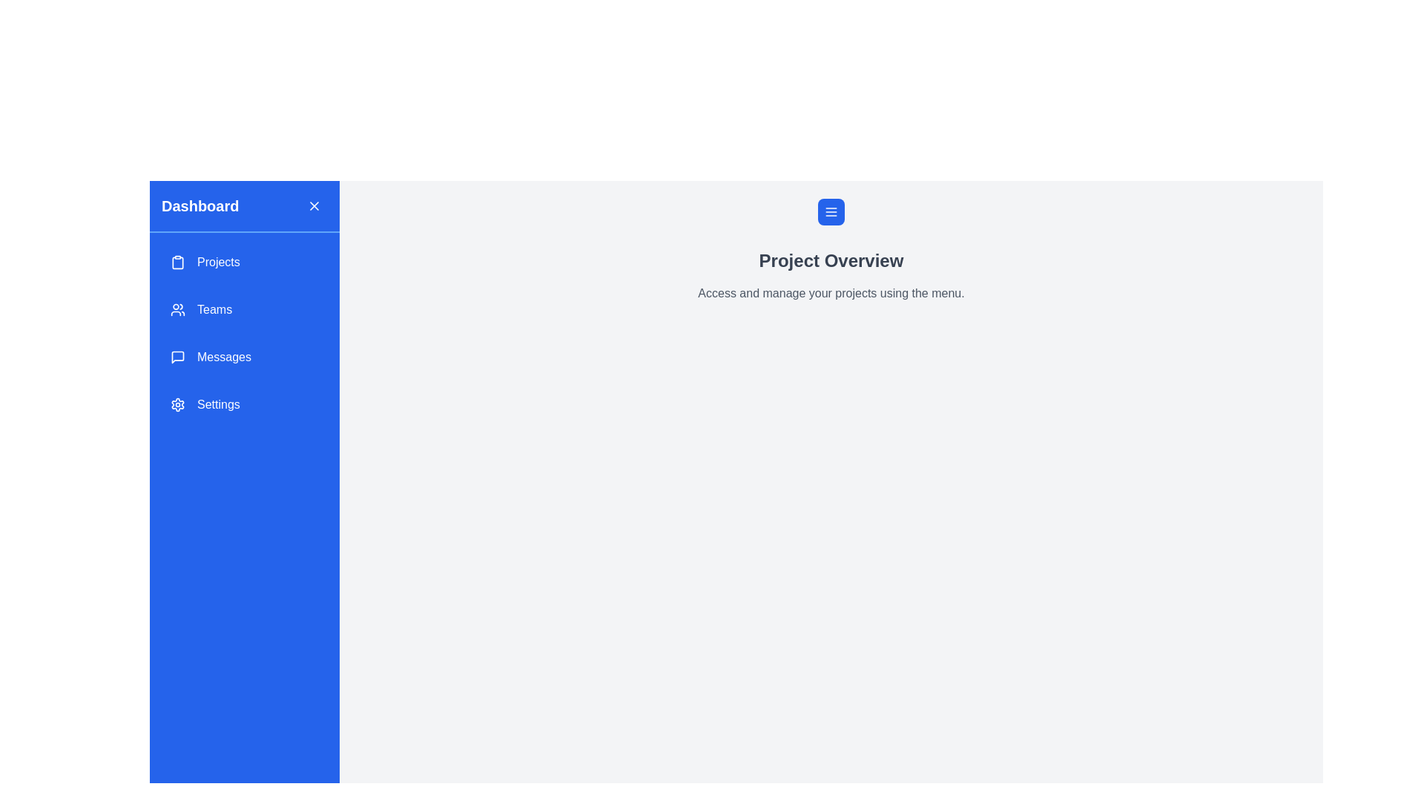  Describe the element at coordinates (831, 211) in the screenshot. I see `the menu button icon located at the center of the blue button above the 'Project Overview' content area` at that location.